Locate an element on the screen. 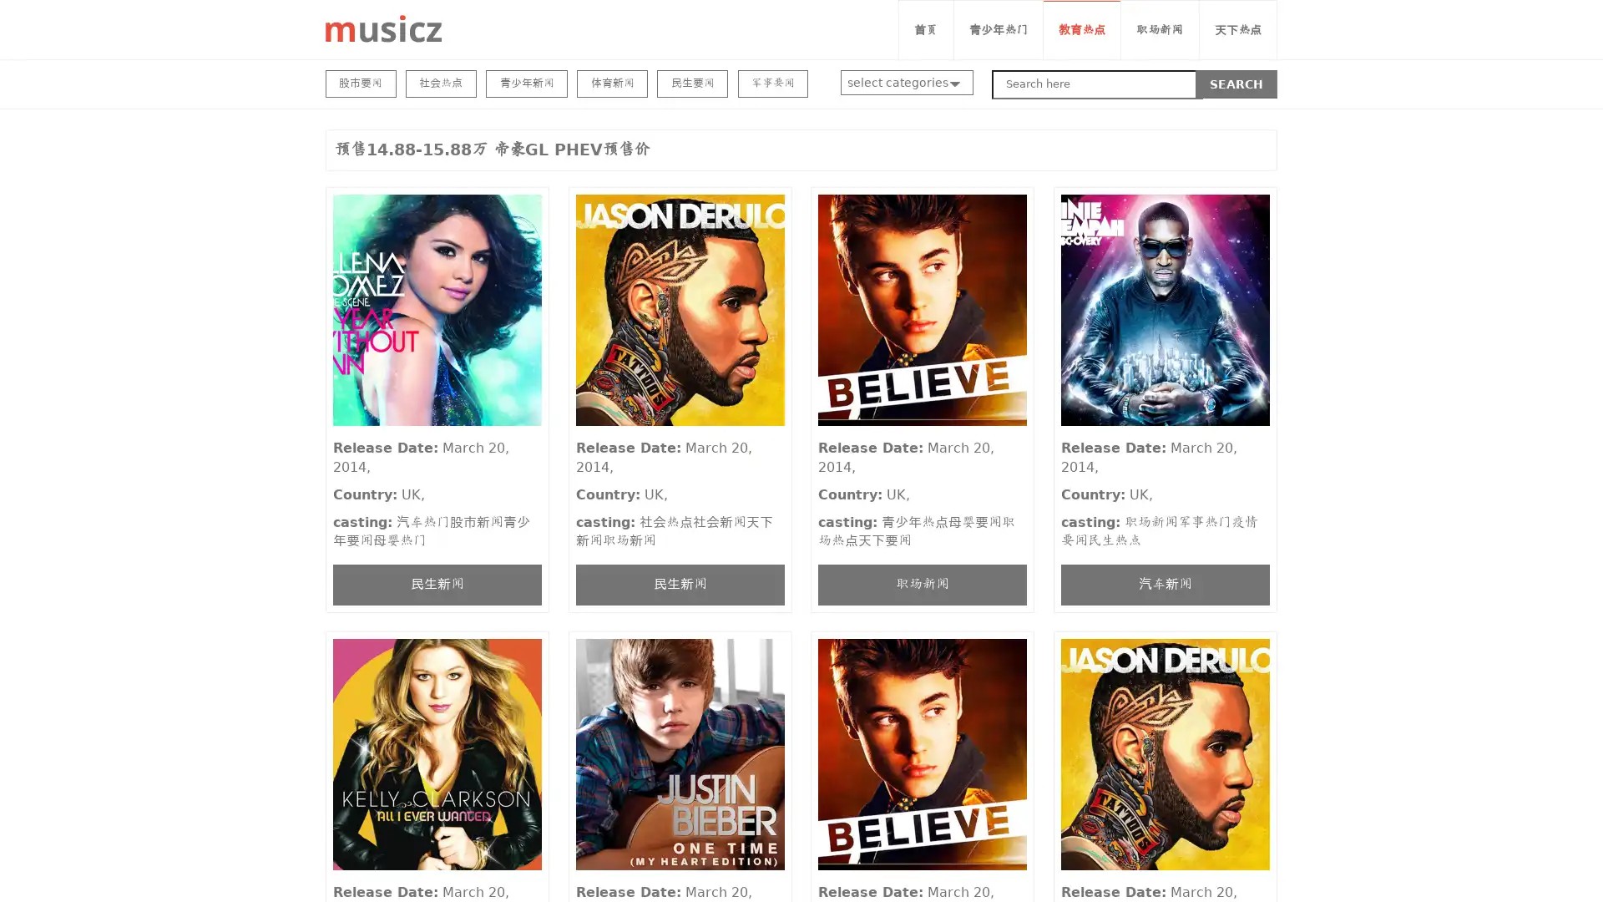 The height and width of the screenshot is (902, 1603). search is located at coordinates (1236, 84).